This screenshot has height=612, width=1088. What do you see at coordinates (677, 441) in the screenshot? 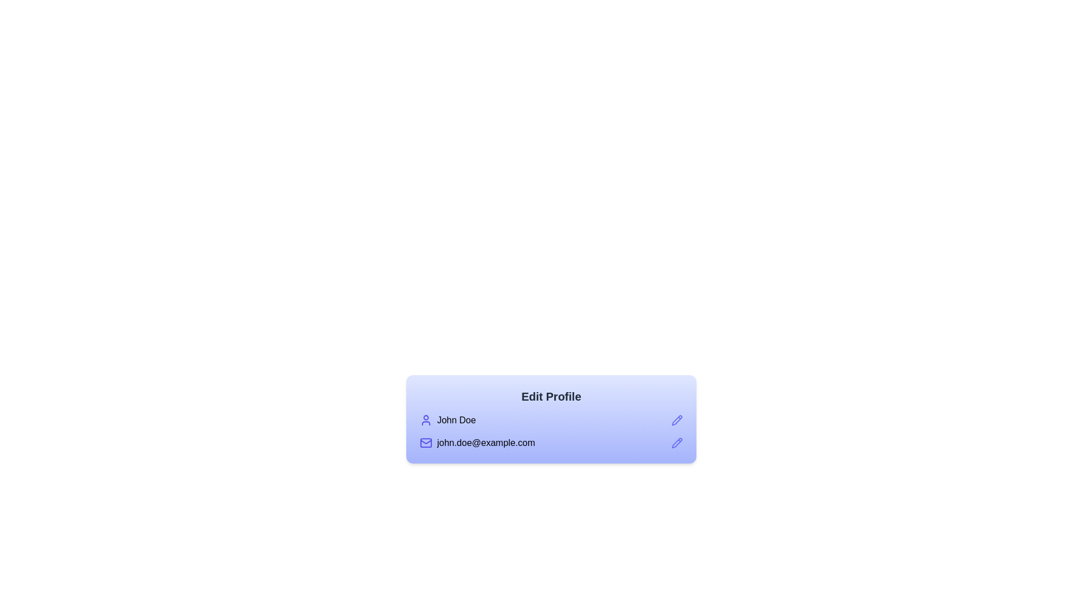
I see `the Edit icon button, which is a pencil icon located` at bounding box center [677, 441].